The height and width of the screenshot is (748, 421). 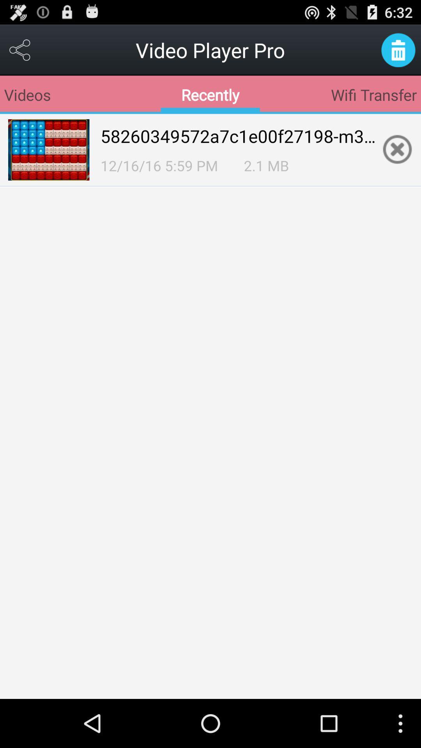 What do you see at coordinates (20, 49) in the screenshot?
I see `share video` at bounding box center [20, 49].